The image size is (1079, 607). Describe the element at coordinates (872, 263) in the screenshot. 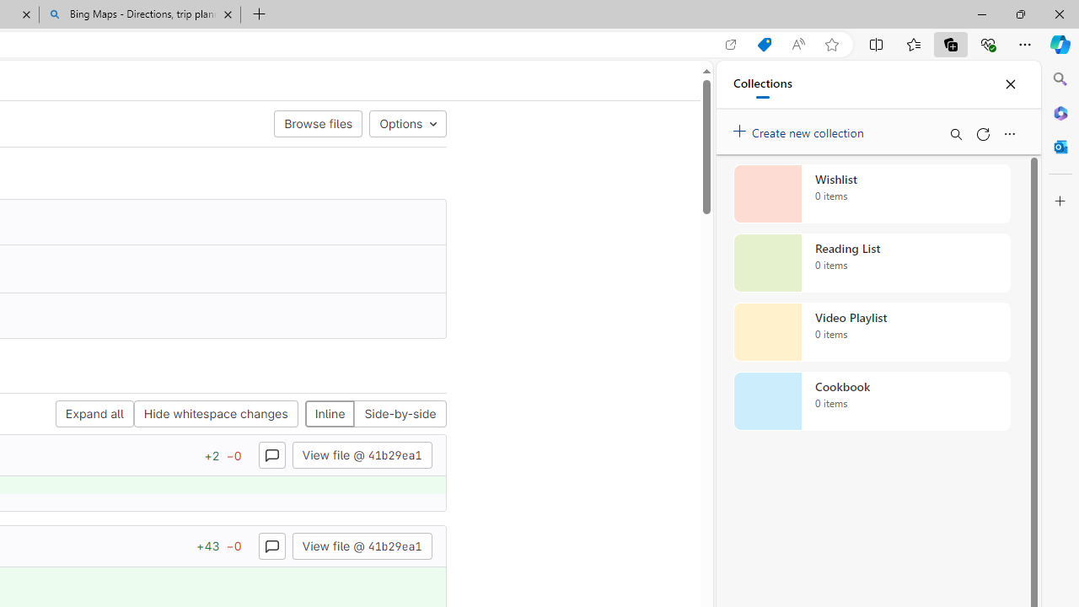

I see `'Reading List collection, 0 items'` at that location.